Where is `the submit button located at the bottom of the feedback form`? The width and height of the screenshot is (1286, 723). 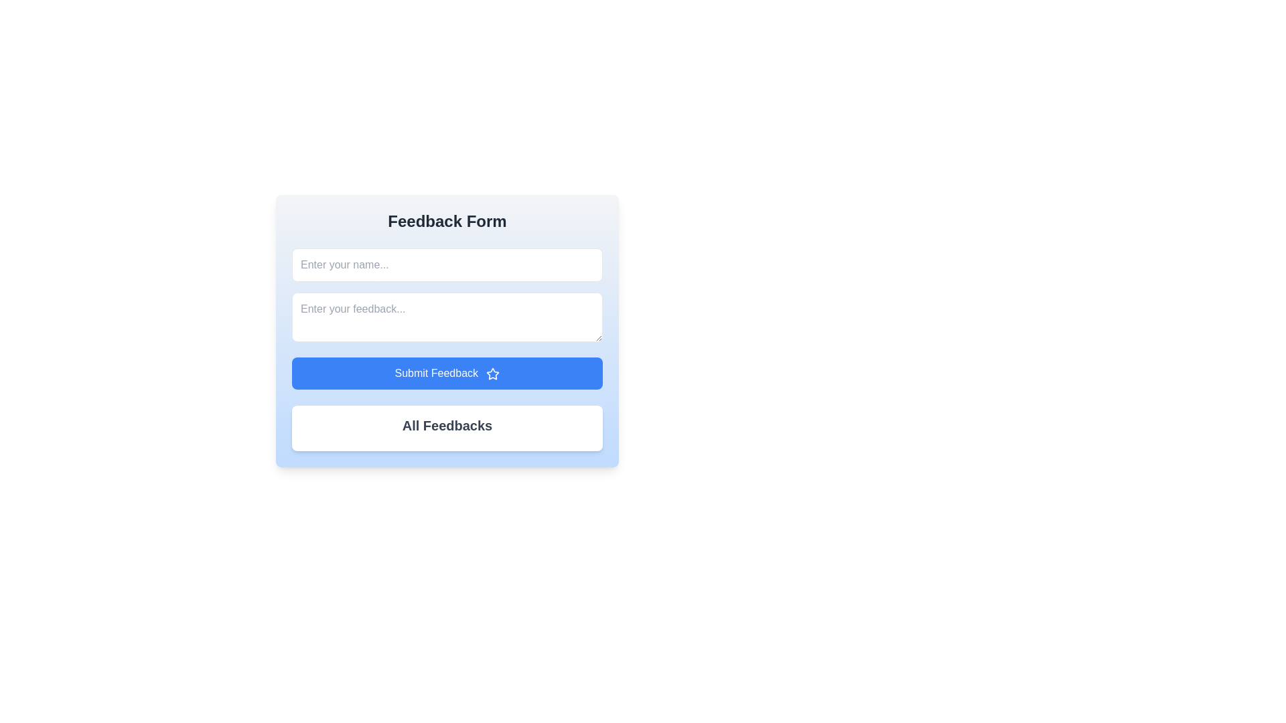 the submit button located at the bottom of the feedback form is located at coordinates (447, 374).